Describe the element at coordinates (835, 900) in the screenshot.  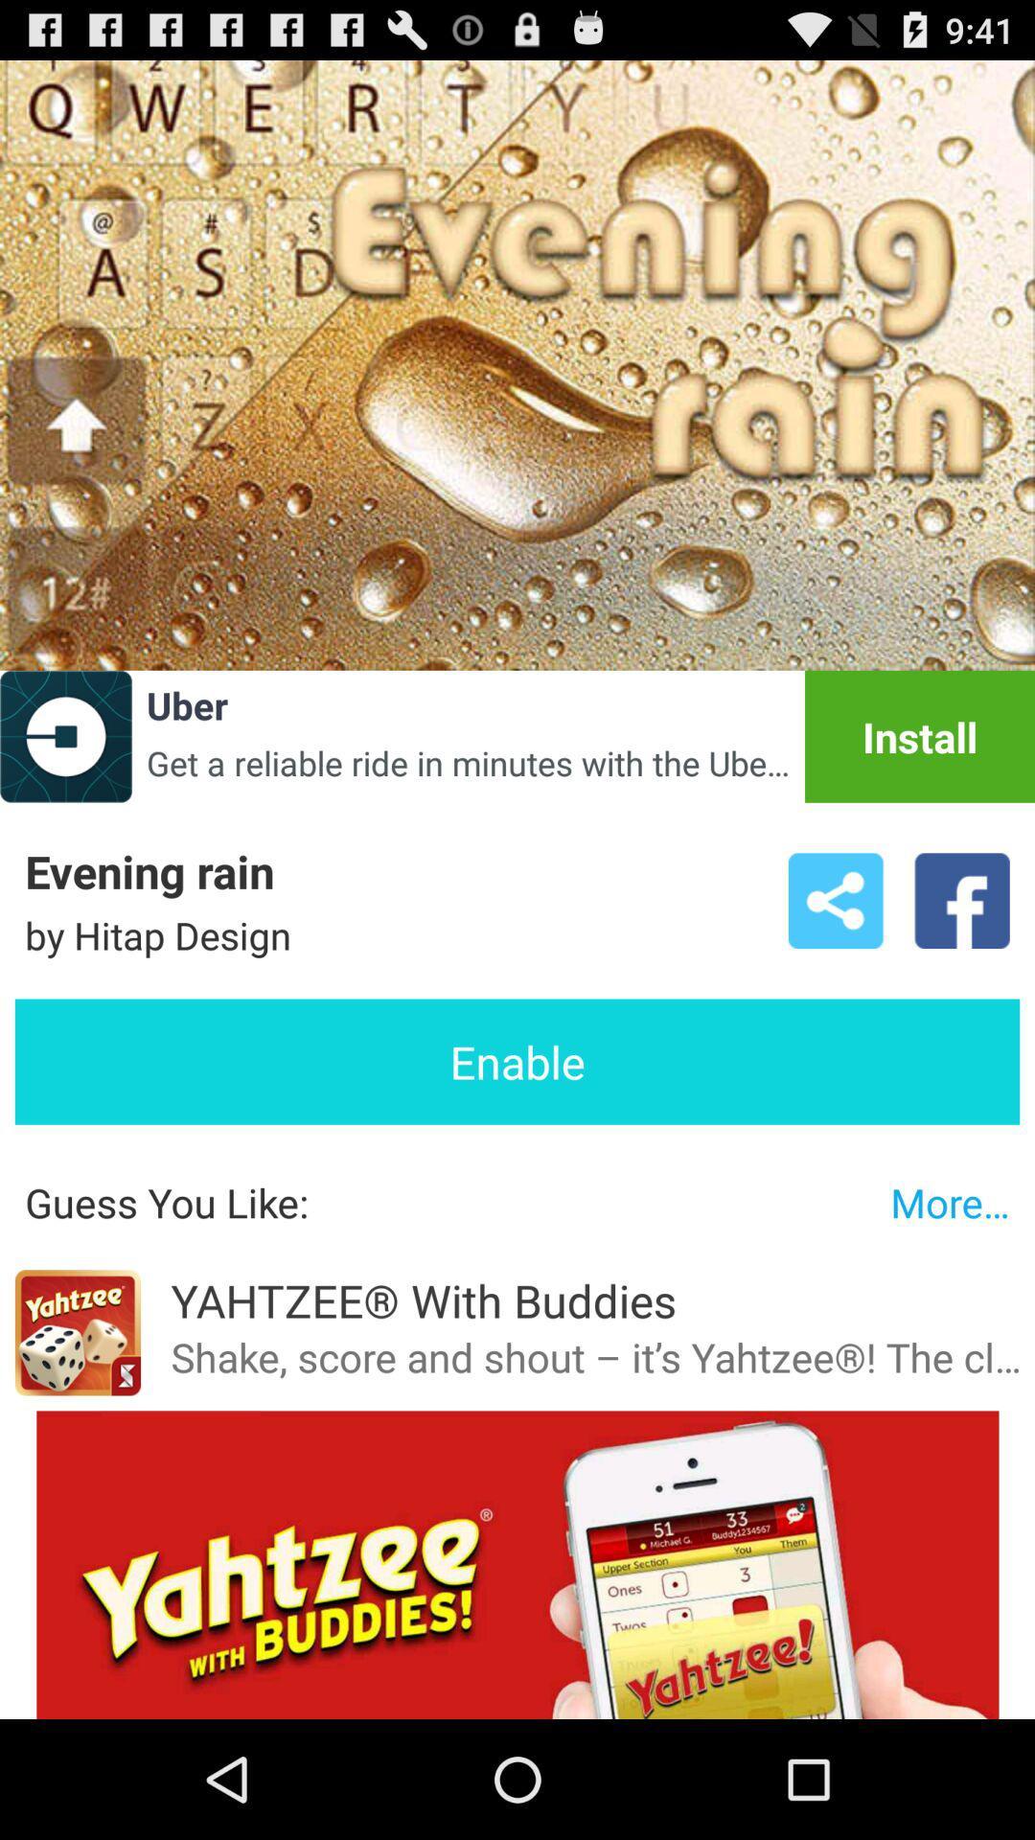
I see `icon above the enable button` at that location.